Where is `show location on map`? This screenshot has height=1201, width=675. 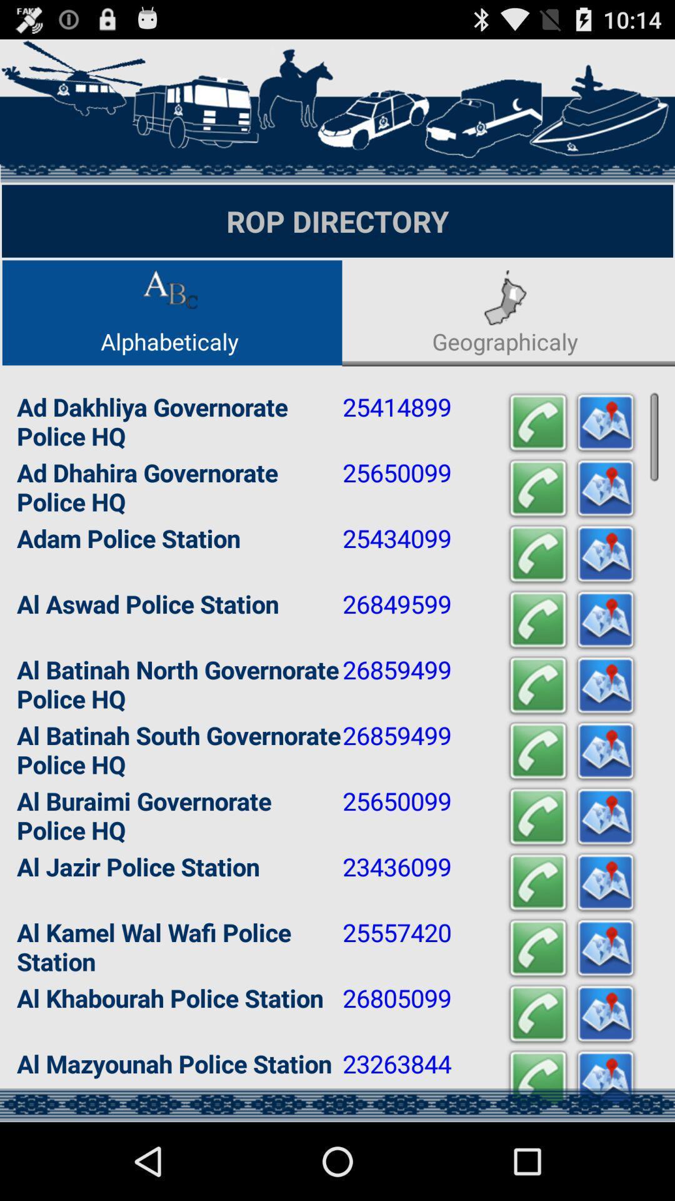
show location on map is located at coordinates (604, 882).